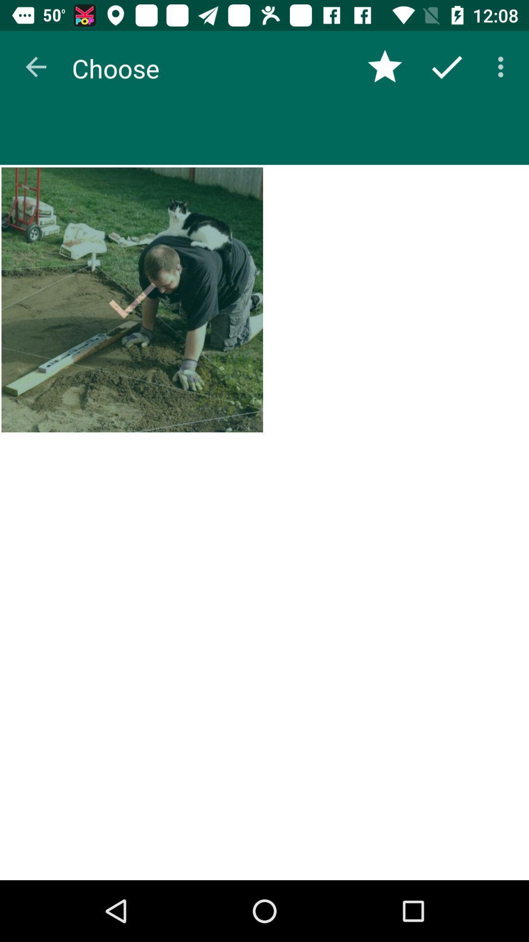 The height and width of the screenshot is (942, 529). I want to click on item next to choose, so click(385, 66).